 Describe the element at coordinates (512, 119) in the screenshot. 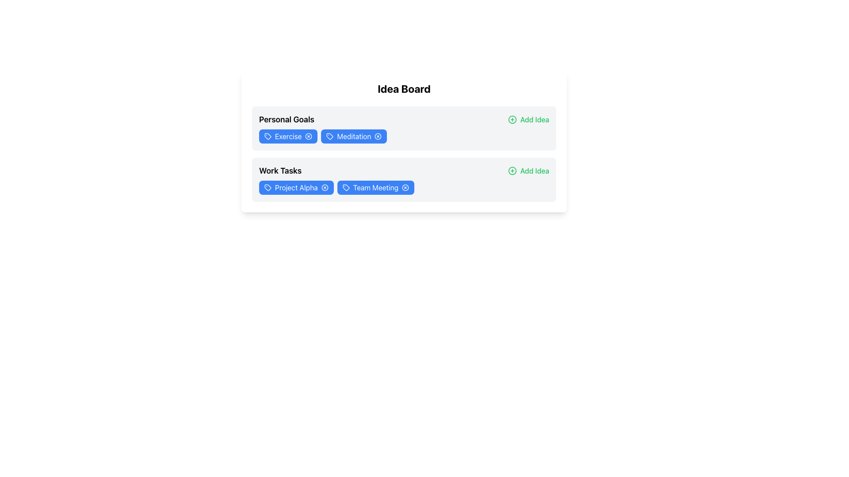

I see `the circular green outlined icon with a cross in its center, located to the right of the 'Add Idea' text in the 'Personal Goals' section` at that location.